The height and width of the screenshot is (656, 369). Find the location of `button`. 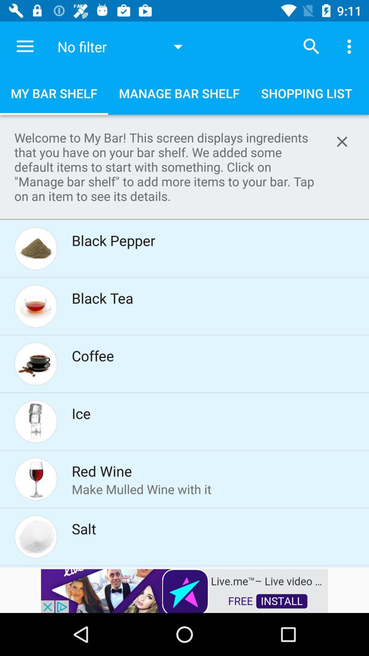

button is located at coordinates (342, 141).